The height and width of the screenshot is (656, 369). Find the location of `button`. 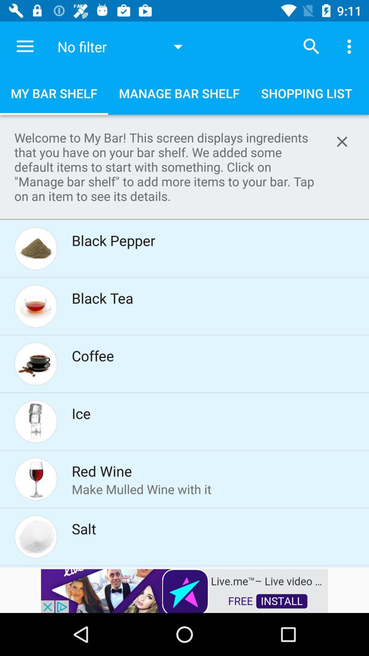

button is located at coordinates (342, 141).